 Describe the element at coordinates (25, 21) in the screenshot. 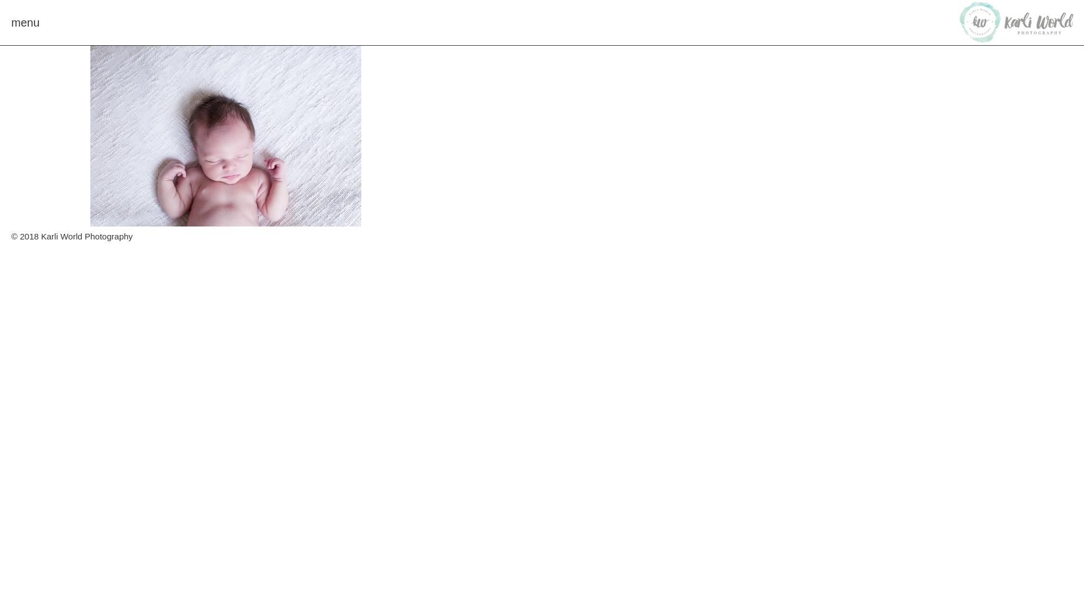

I see `'menu'` at that location.